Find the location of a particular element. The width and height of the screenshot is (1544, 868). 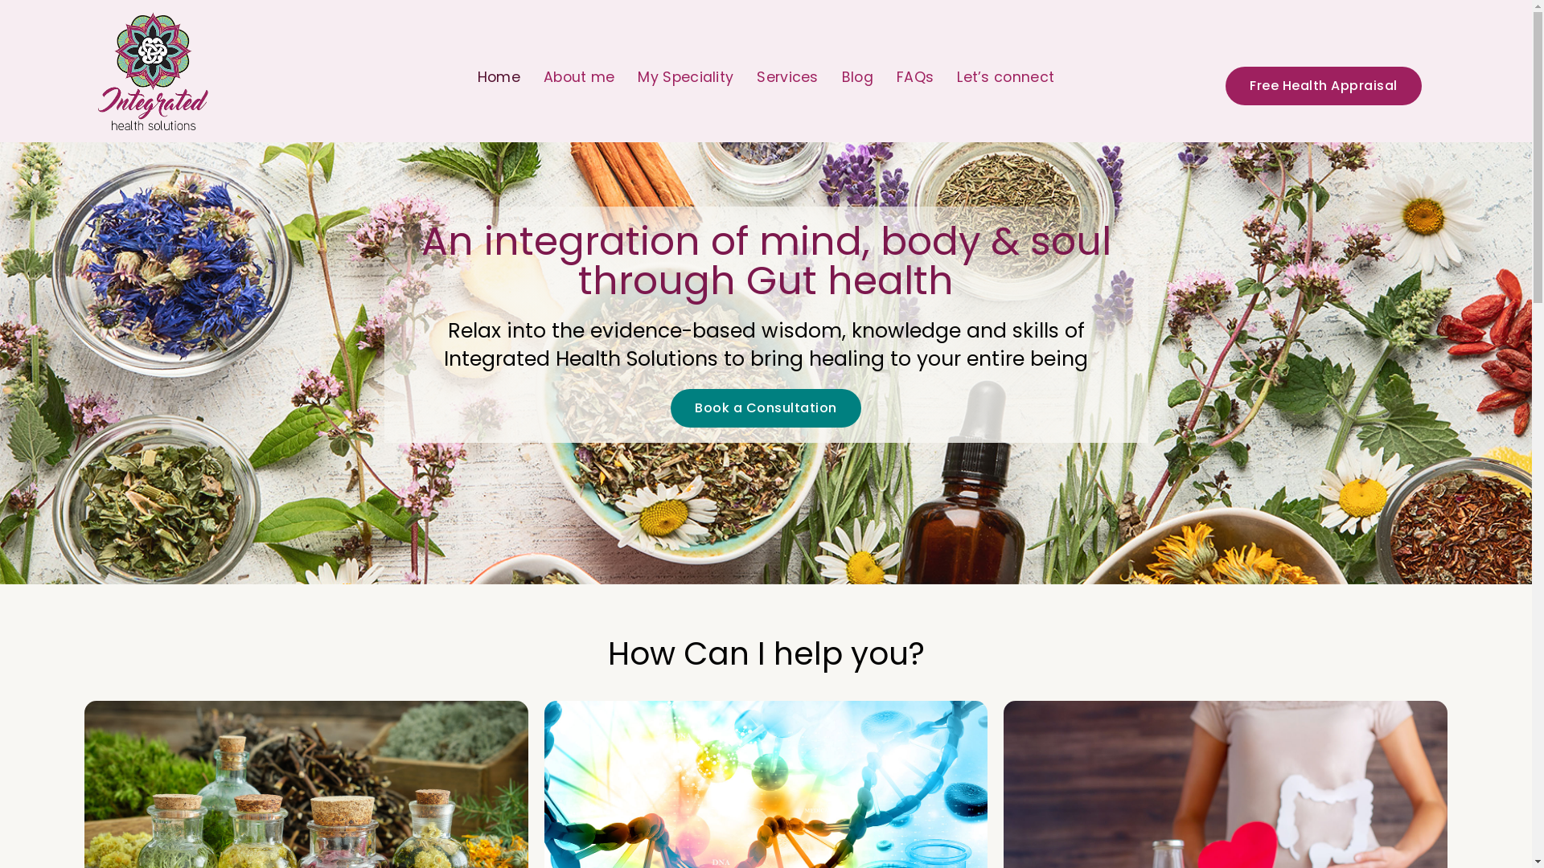

'FAQs' is located at coordinates (914, 77).